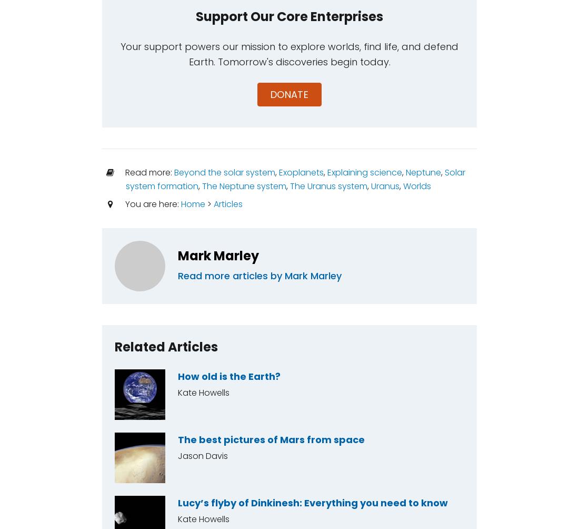 The width and height of the screenshot is (579, 529). I want to click on 'Read more:', so click(147, 172).